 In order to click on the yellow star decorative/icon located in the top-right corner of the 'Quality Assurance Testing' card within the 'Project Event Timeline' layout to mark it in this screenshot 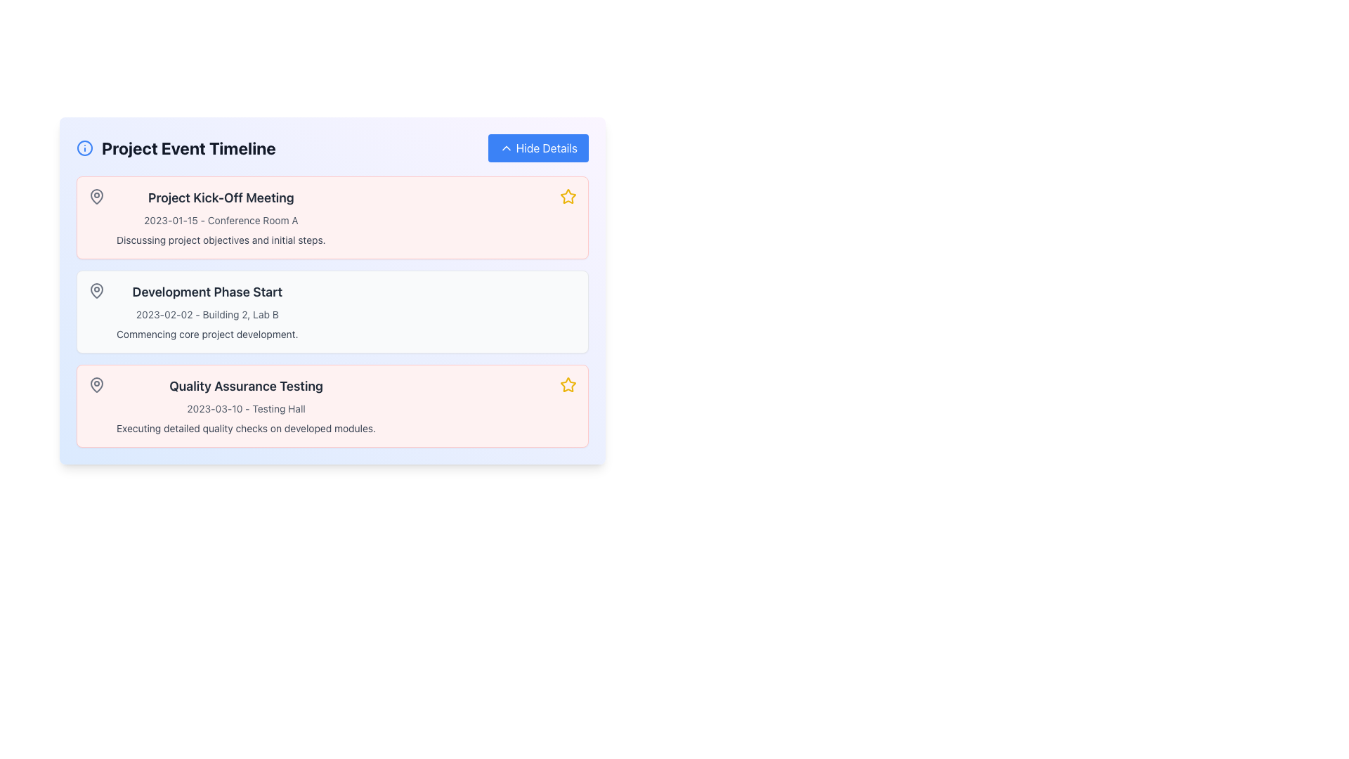, I will do `click(568, 384)`.